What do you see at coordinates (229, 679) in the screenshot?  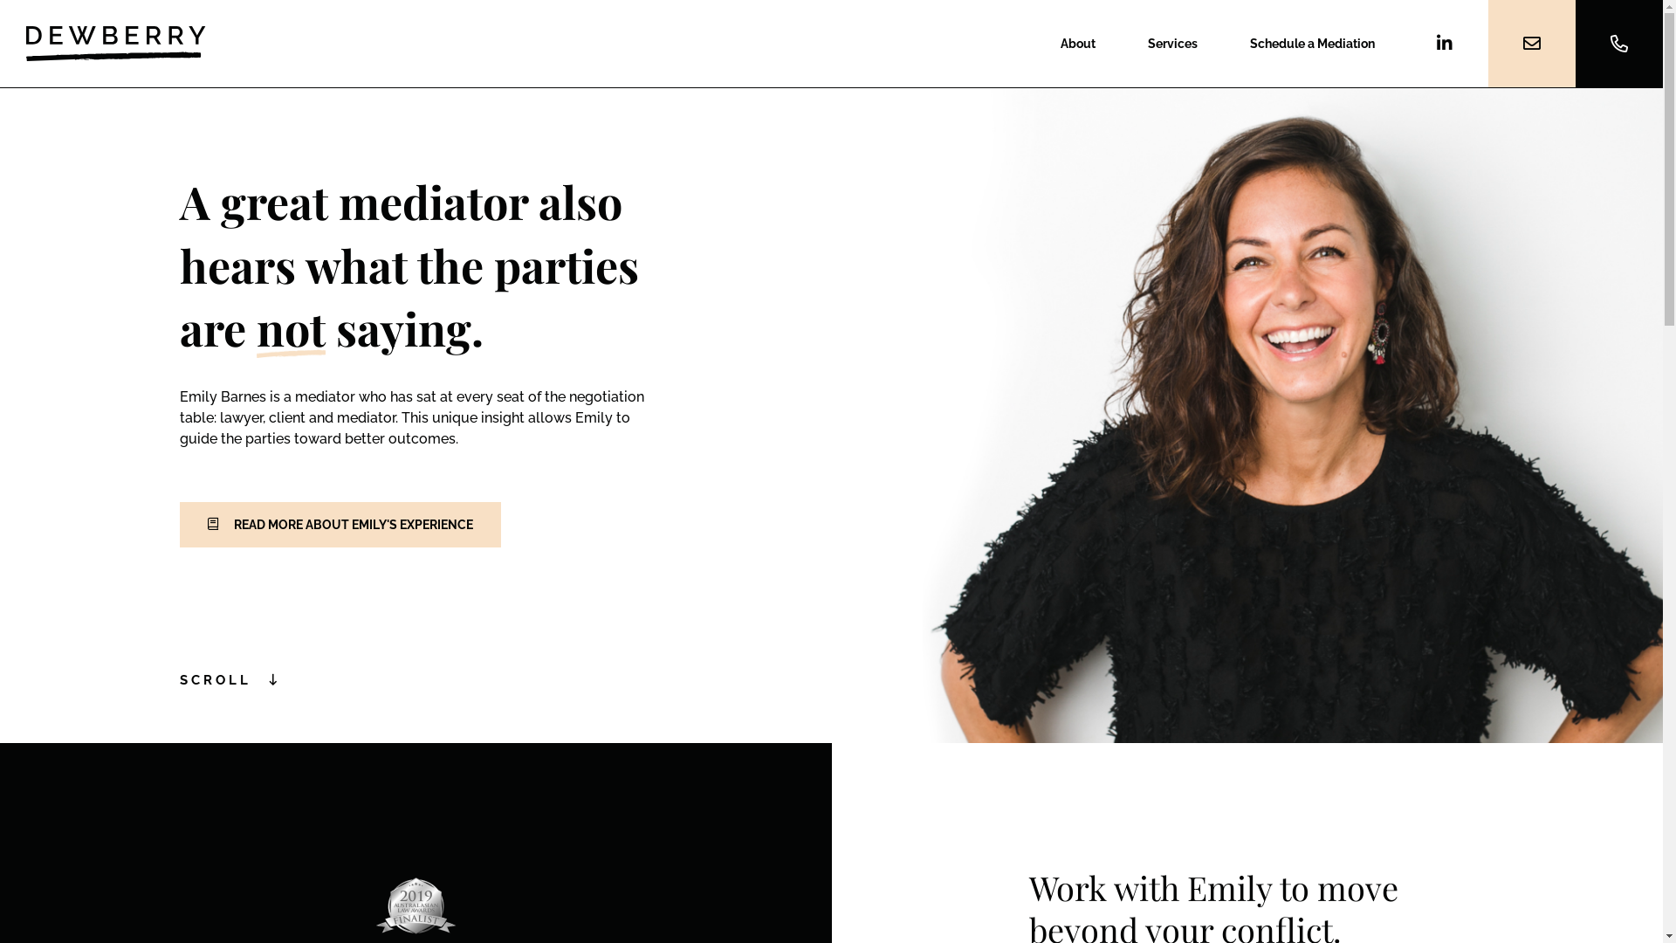 I see `'SCROLL'` at bounding box center [229, 679].